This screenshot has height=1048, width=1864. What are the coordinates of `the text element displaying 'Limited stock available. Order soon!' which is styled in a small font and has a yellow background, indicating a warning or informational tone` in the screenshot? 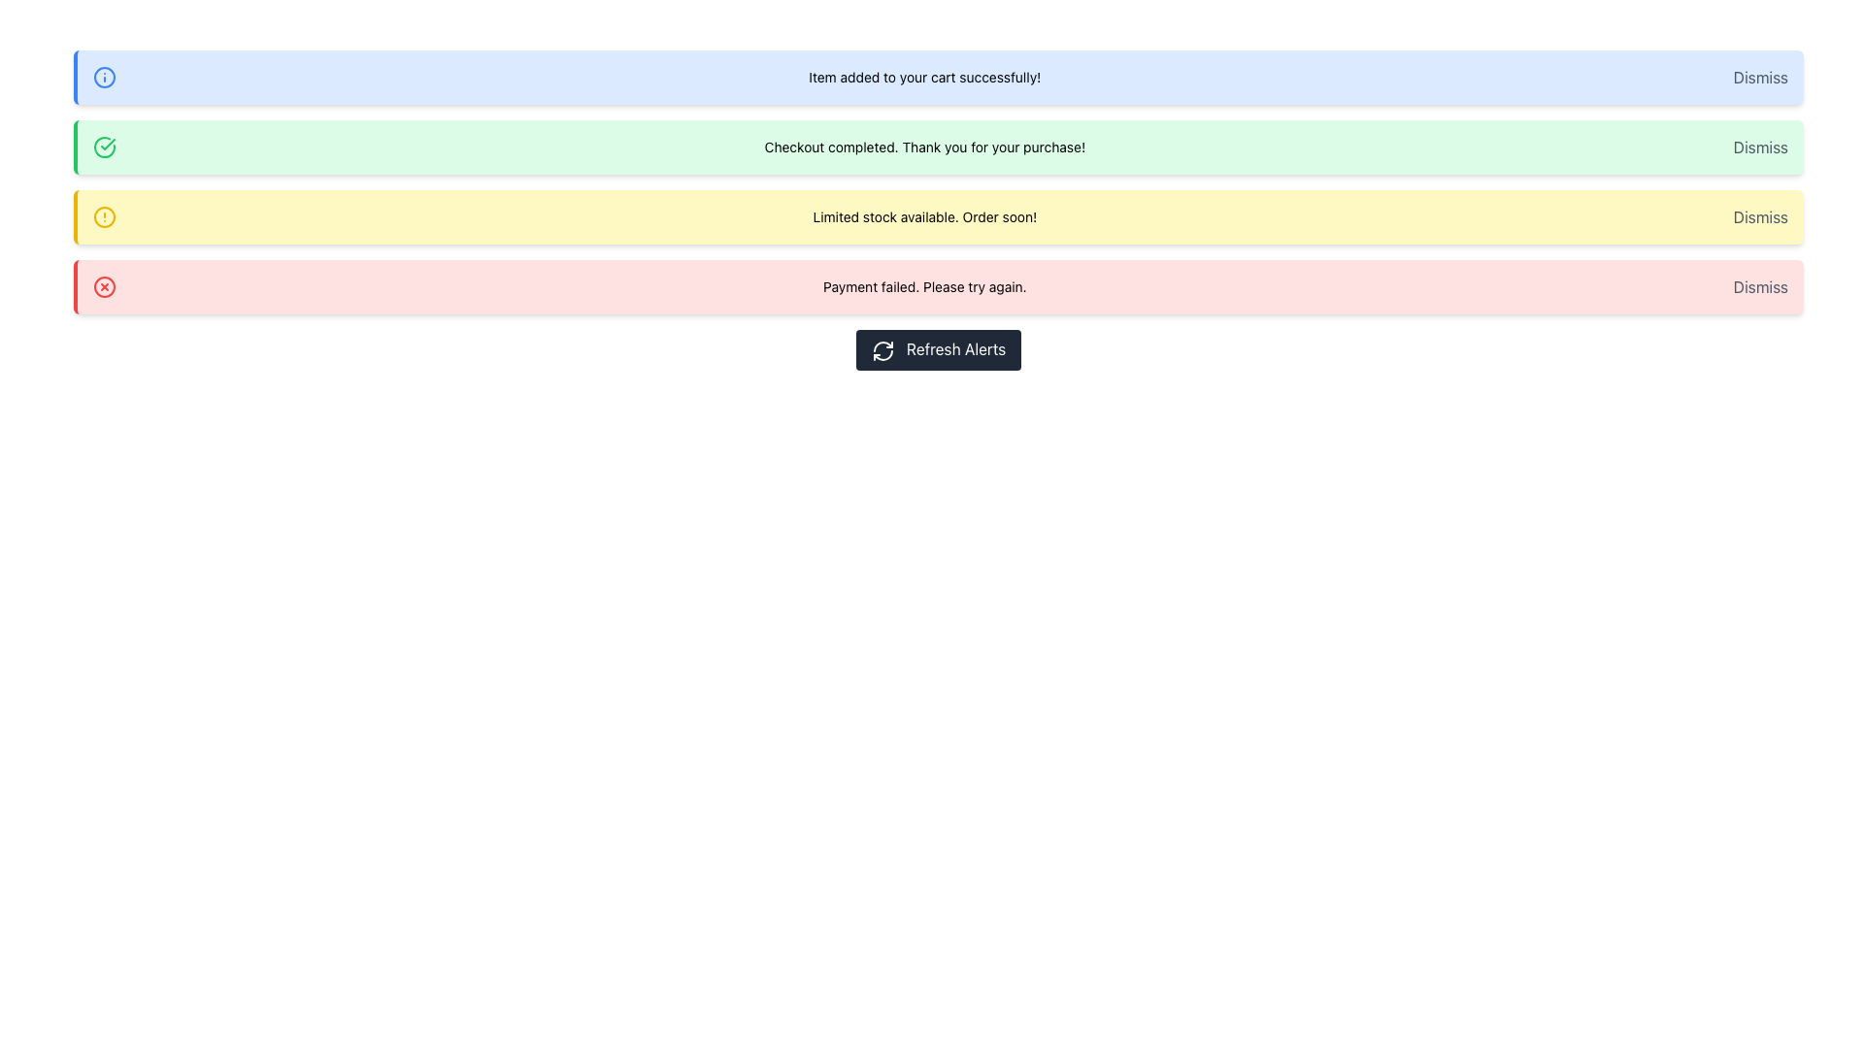 It's located at (923, 216).